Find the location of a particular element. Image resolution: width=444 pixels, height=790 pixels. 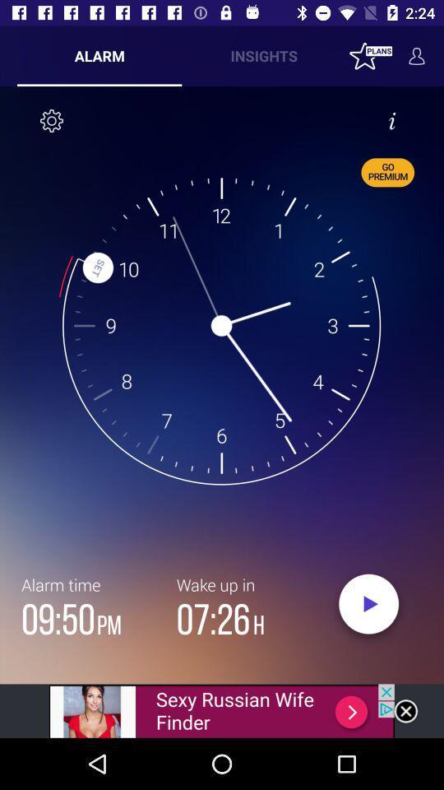

for play is located at coordinates (368, 607).